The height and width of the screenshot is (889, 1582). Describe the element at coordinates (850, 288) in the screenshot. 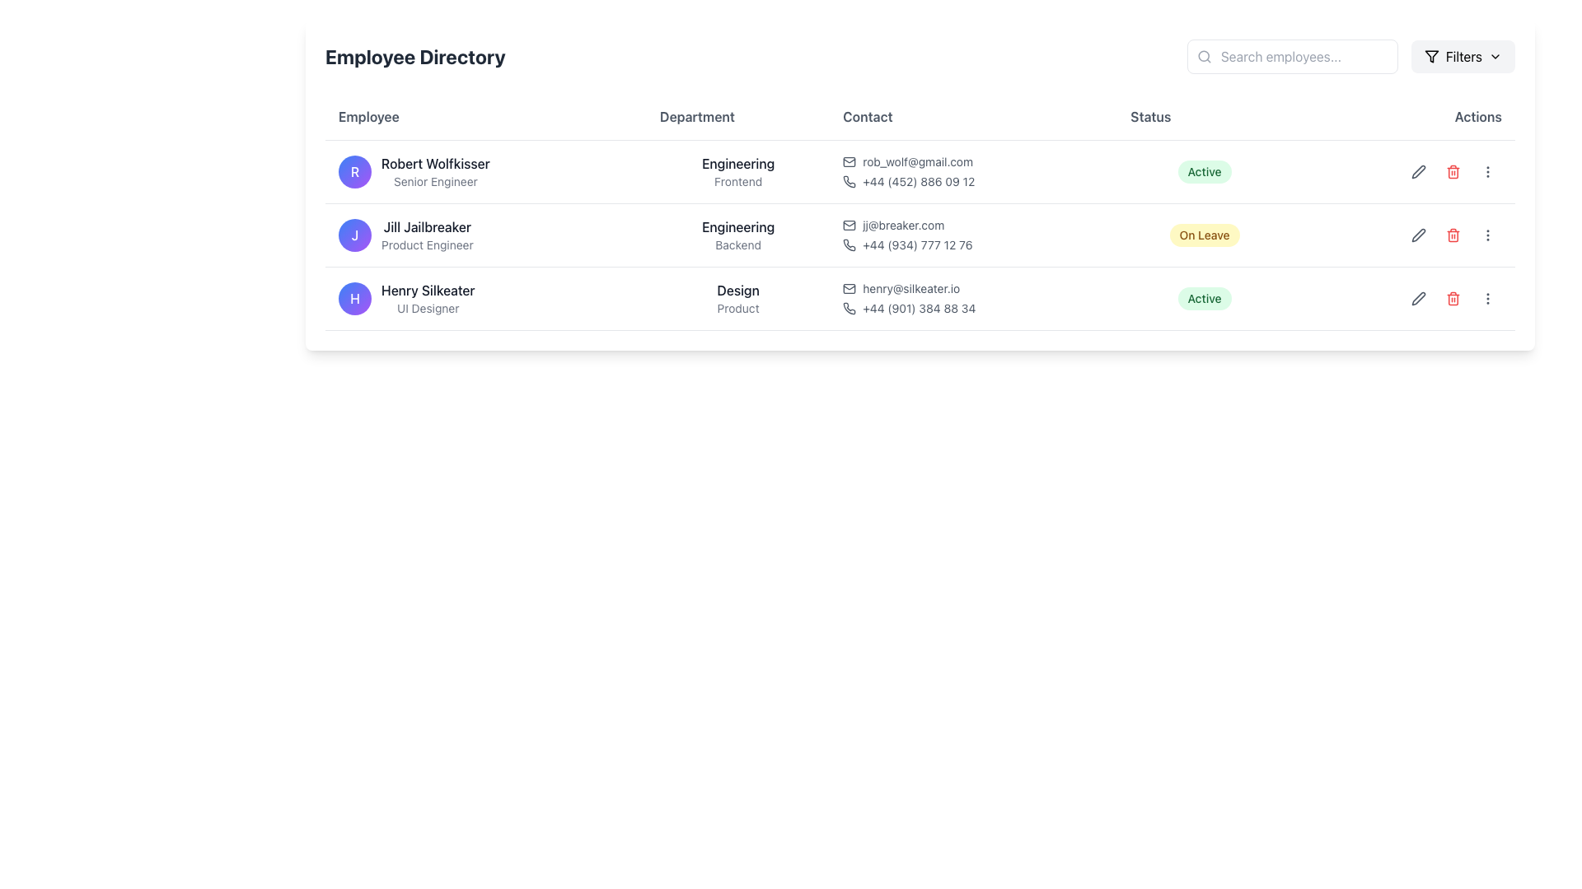

I see `the icon representing the email address for Henry Silkeater in the Contact column, located in the third row of the employee directory` at that location.